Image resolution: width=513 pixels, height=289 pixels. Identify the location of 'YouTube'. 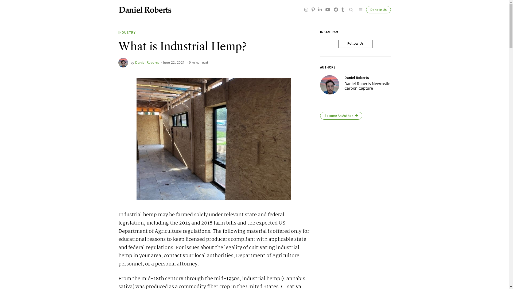
(327, 9).